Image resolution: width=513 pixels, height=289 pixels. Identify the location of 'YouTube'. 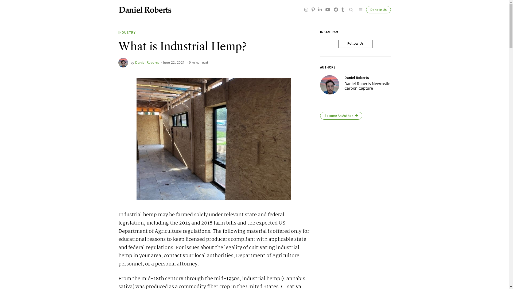
(327, 9).